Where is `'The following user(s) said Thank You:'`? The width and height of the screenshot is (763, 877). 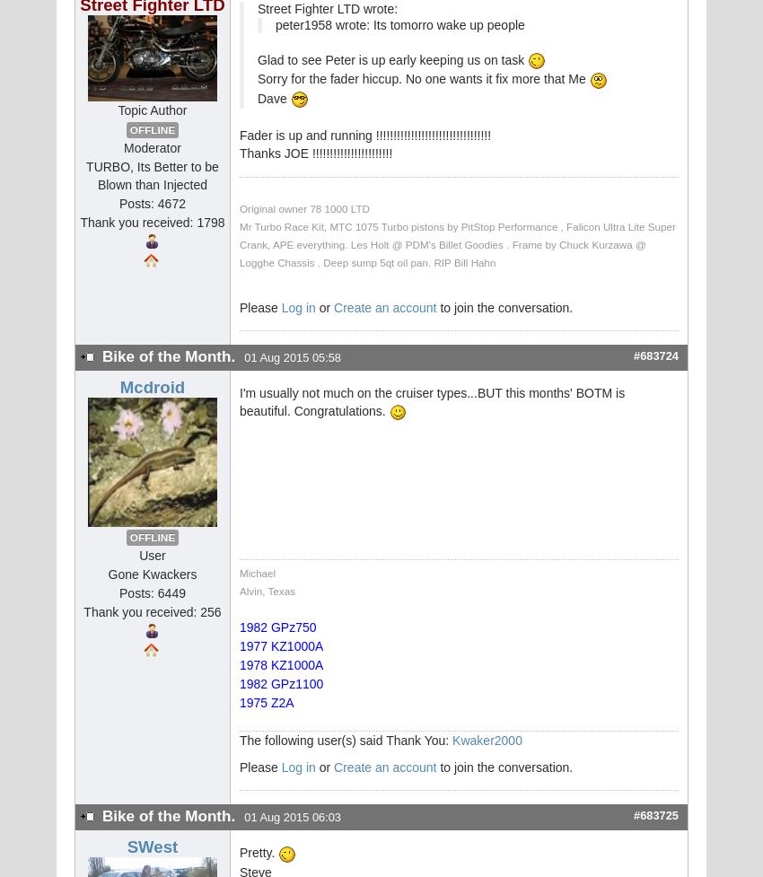
'The following user(s) said Thank You:' is located at coordinates (238, 739).